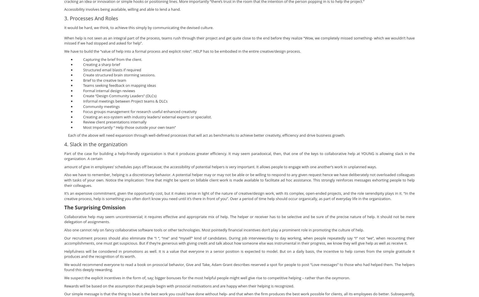 This screenshot has width=479, height=297. Describe the element at coordinates (97, 106) in the screenshot. I see `'Community meetings'` at that location.